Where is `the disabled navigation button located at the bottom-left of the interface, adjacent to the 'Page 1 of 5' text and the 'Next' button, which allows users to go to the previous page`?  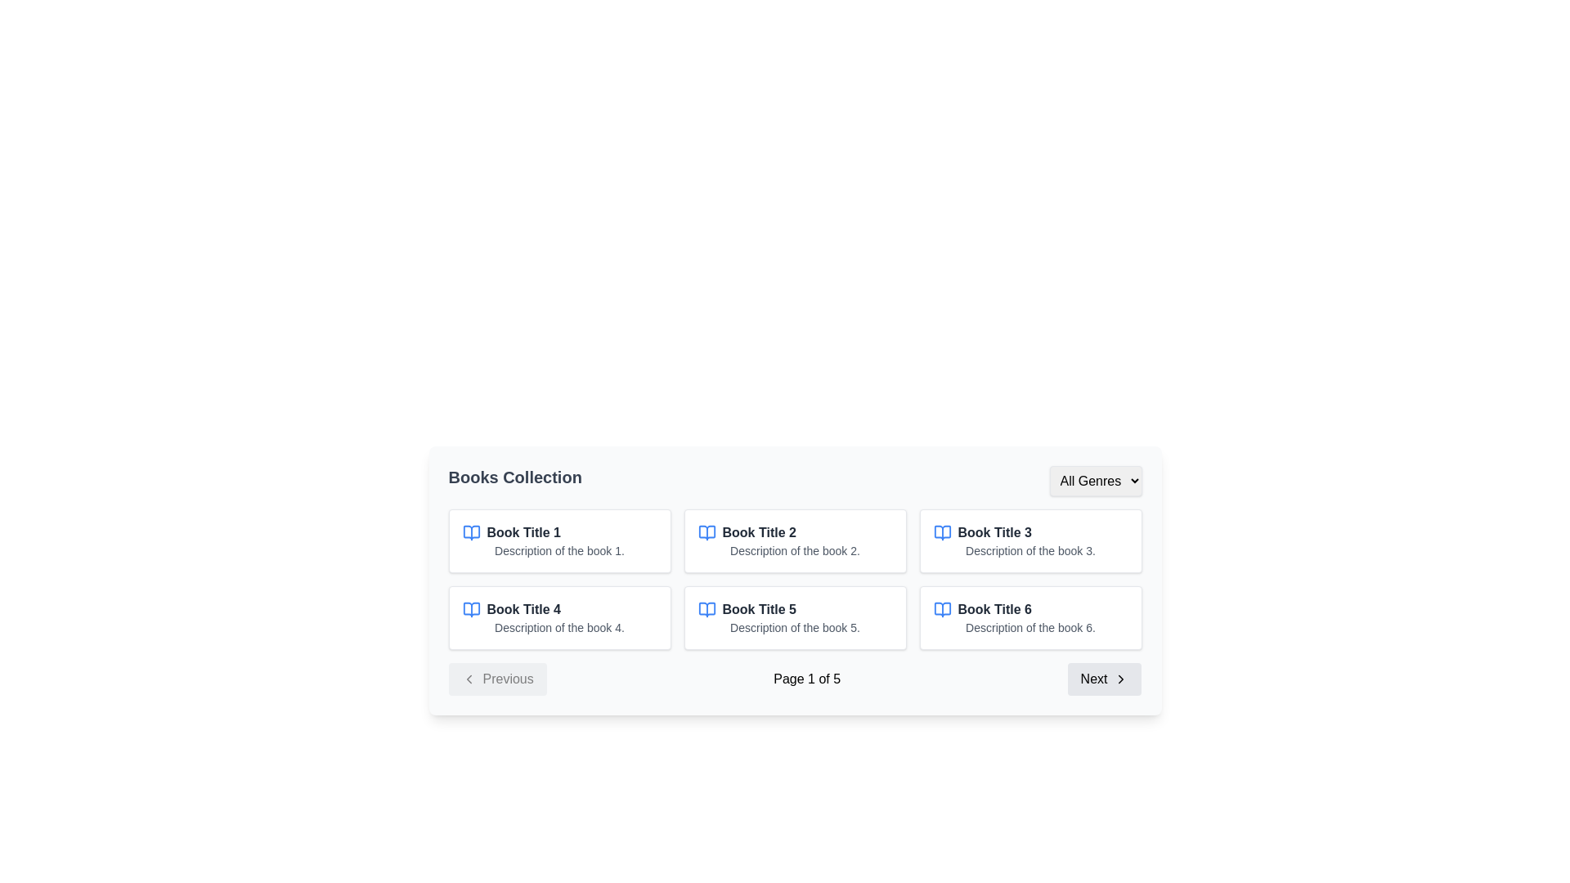 the disabled navigation button located at the bottom-left of the interface, adjacent to the 'Page 1 of 5' text and the 'Next' button, which allows users to go to the previous page is located at coordinates (496, 679).